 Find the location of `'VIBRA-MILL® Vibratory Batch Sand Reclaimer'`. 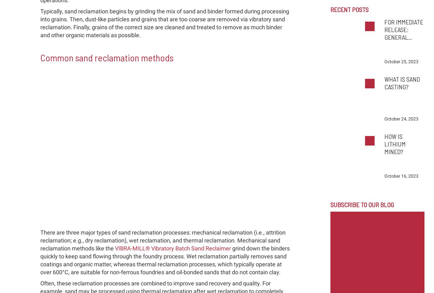

'VIBRA-MILL® Vibratory Batch Sand Reclaimer' is located at coordinates (173, 248).